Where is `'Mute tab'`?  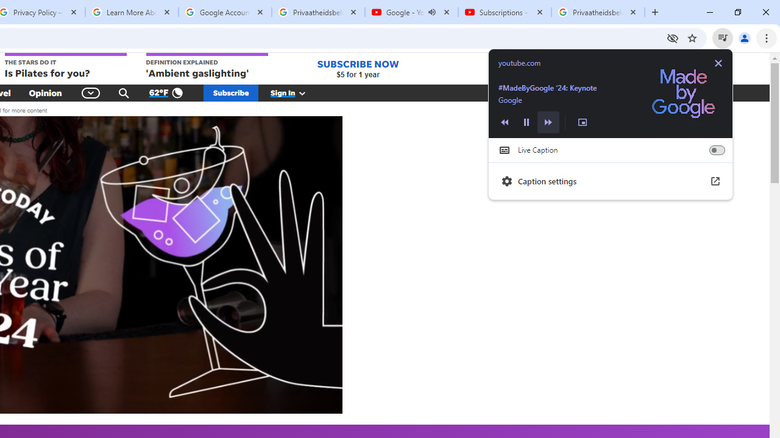
'Mute tab' is located at coordinates (432, 12).